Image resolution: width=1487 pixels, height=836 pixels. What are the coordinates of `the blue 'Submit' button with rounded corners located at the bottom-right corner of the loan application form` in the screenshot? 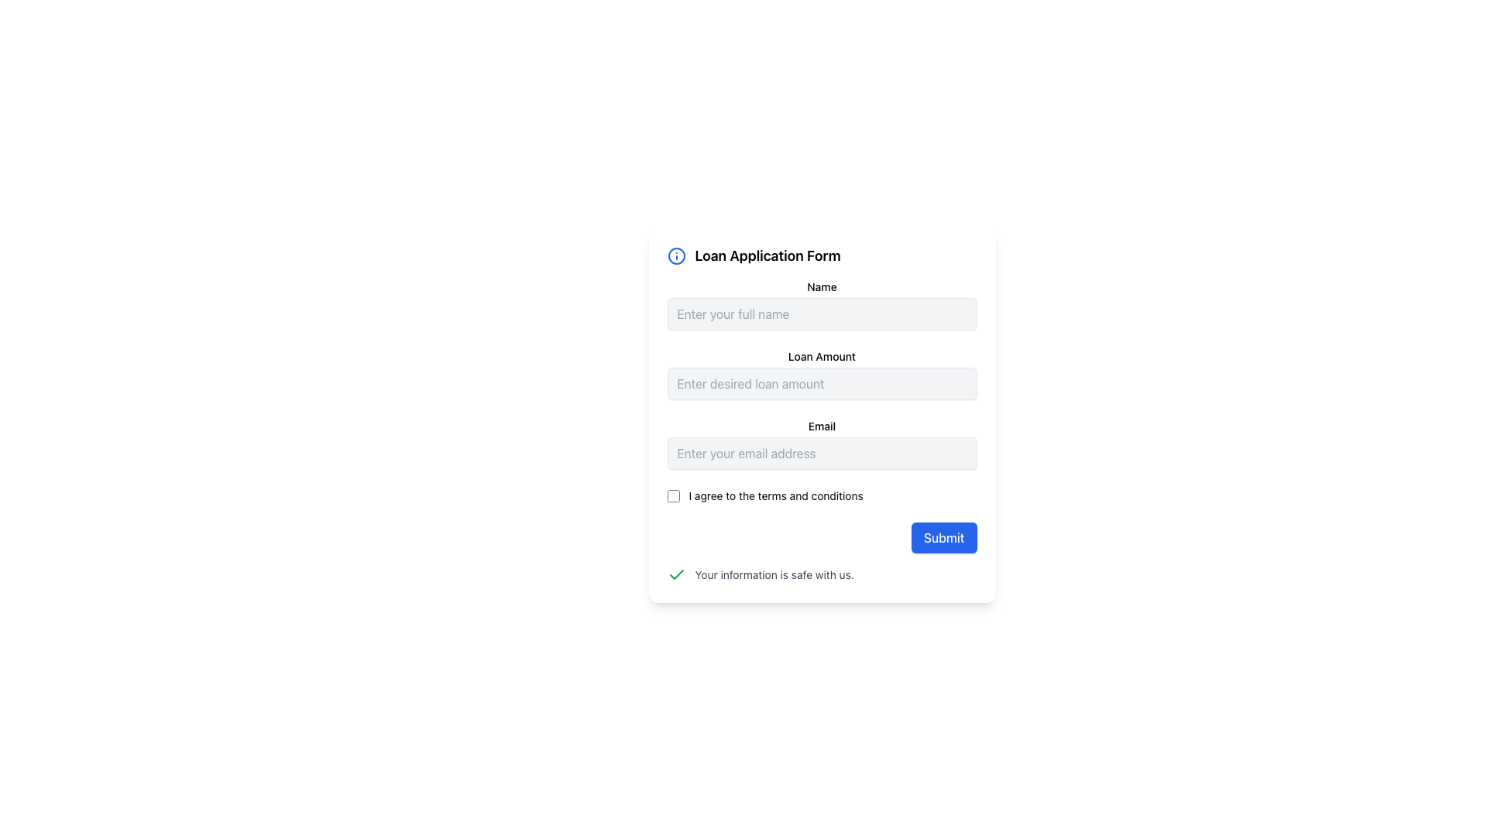 It's located at (943, 536).